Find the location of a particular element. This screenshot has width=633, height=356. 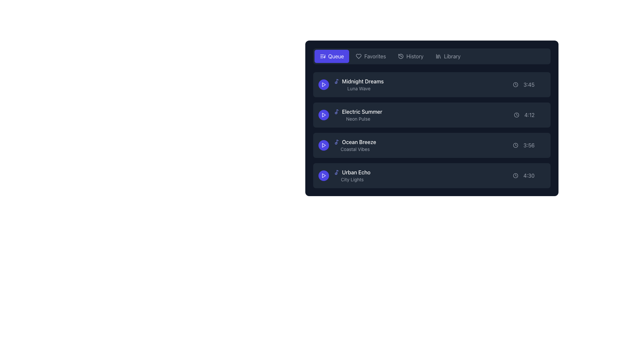

the play button located to the left of the text 'Midnight Dreams' to initiate playback of the media item is located at coordinates (323, 84).